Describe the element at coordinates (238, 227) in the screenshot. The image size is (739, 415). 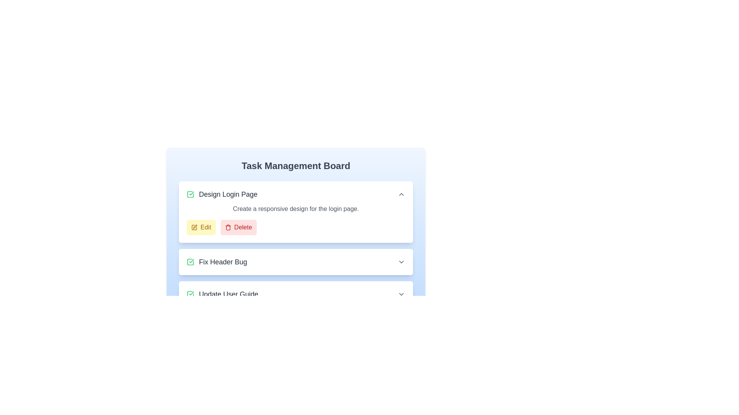
I see `'Delete' button associated with the task 'Design Login Page'` at that location.